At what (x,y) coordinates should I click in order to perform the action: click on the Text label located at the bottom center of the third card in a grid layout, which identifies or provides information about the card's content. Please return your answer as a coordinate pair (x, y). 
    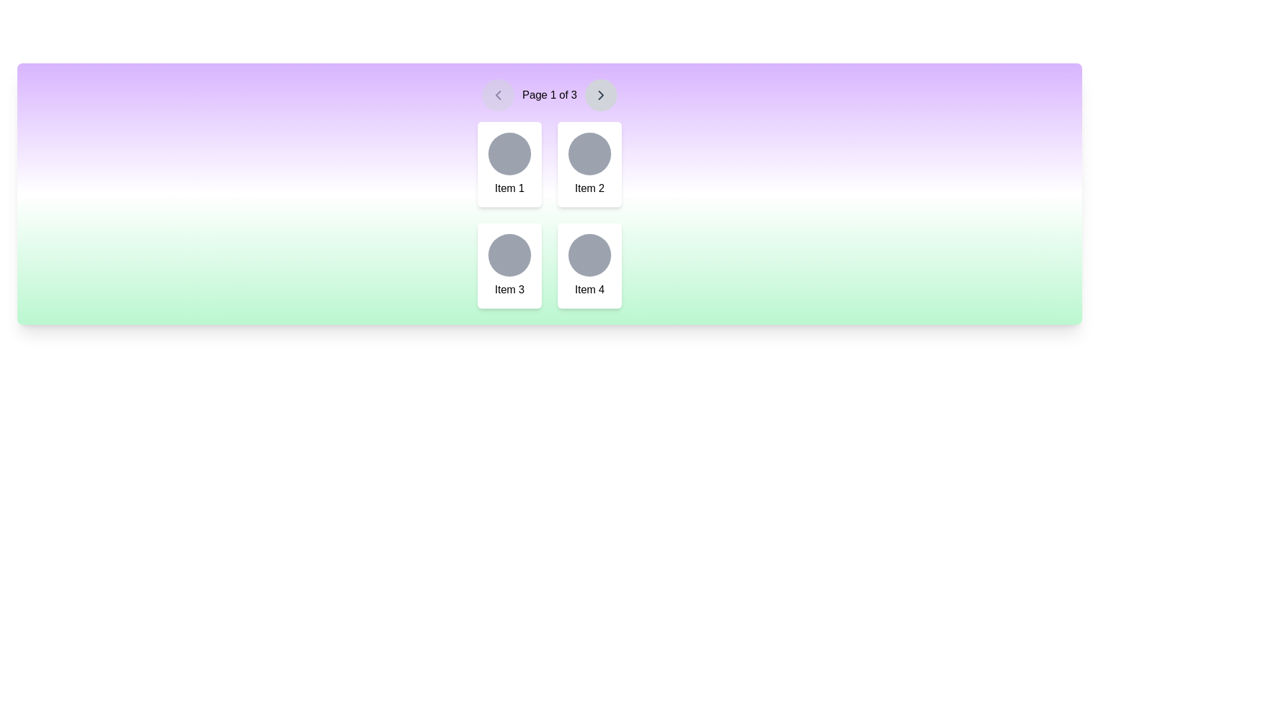
    Looking at the image, I should click on (508, 289).